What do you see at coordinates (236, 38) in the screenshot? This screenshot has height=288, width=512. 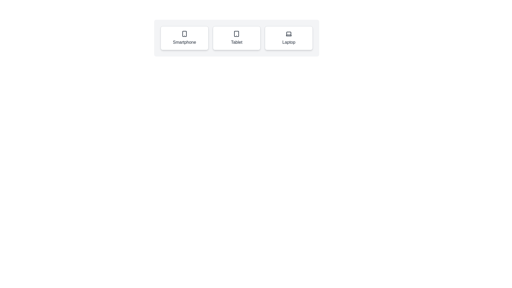 I see `the Tablet chip to select it` at bounding box center [236, 38].